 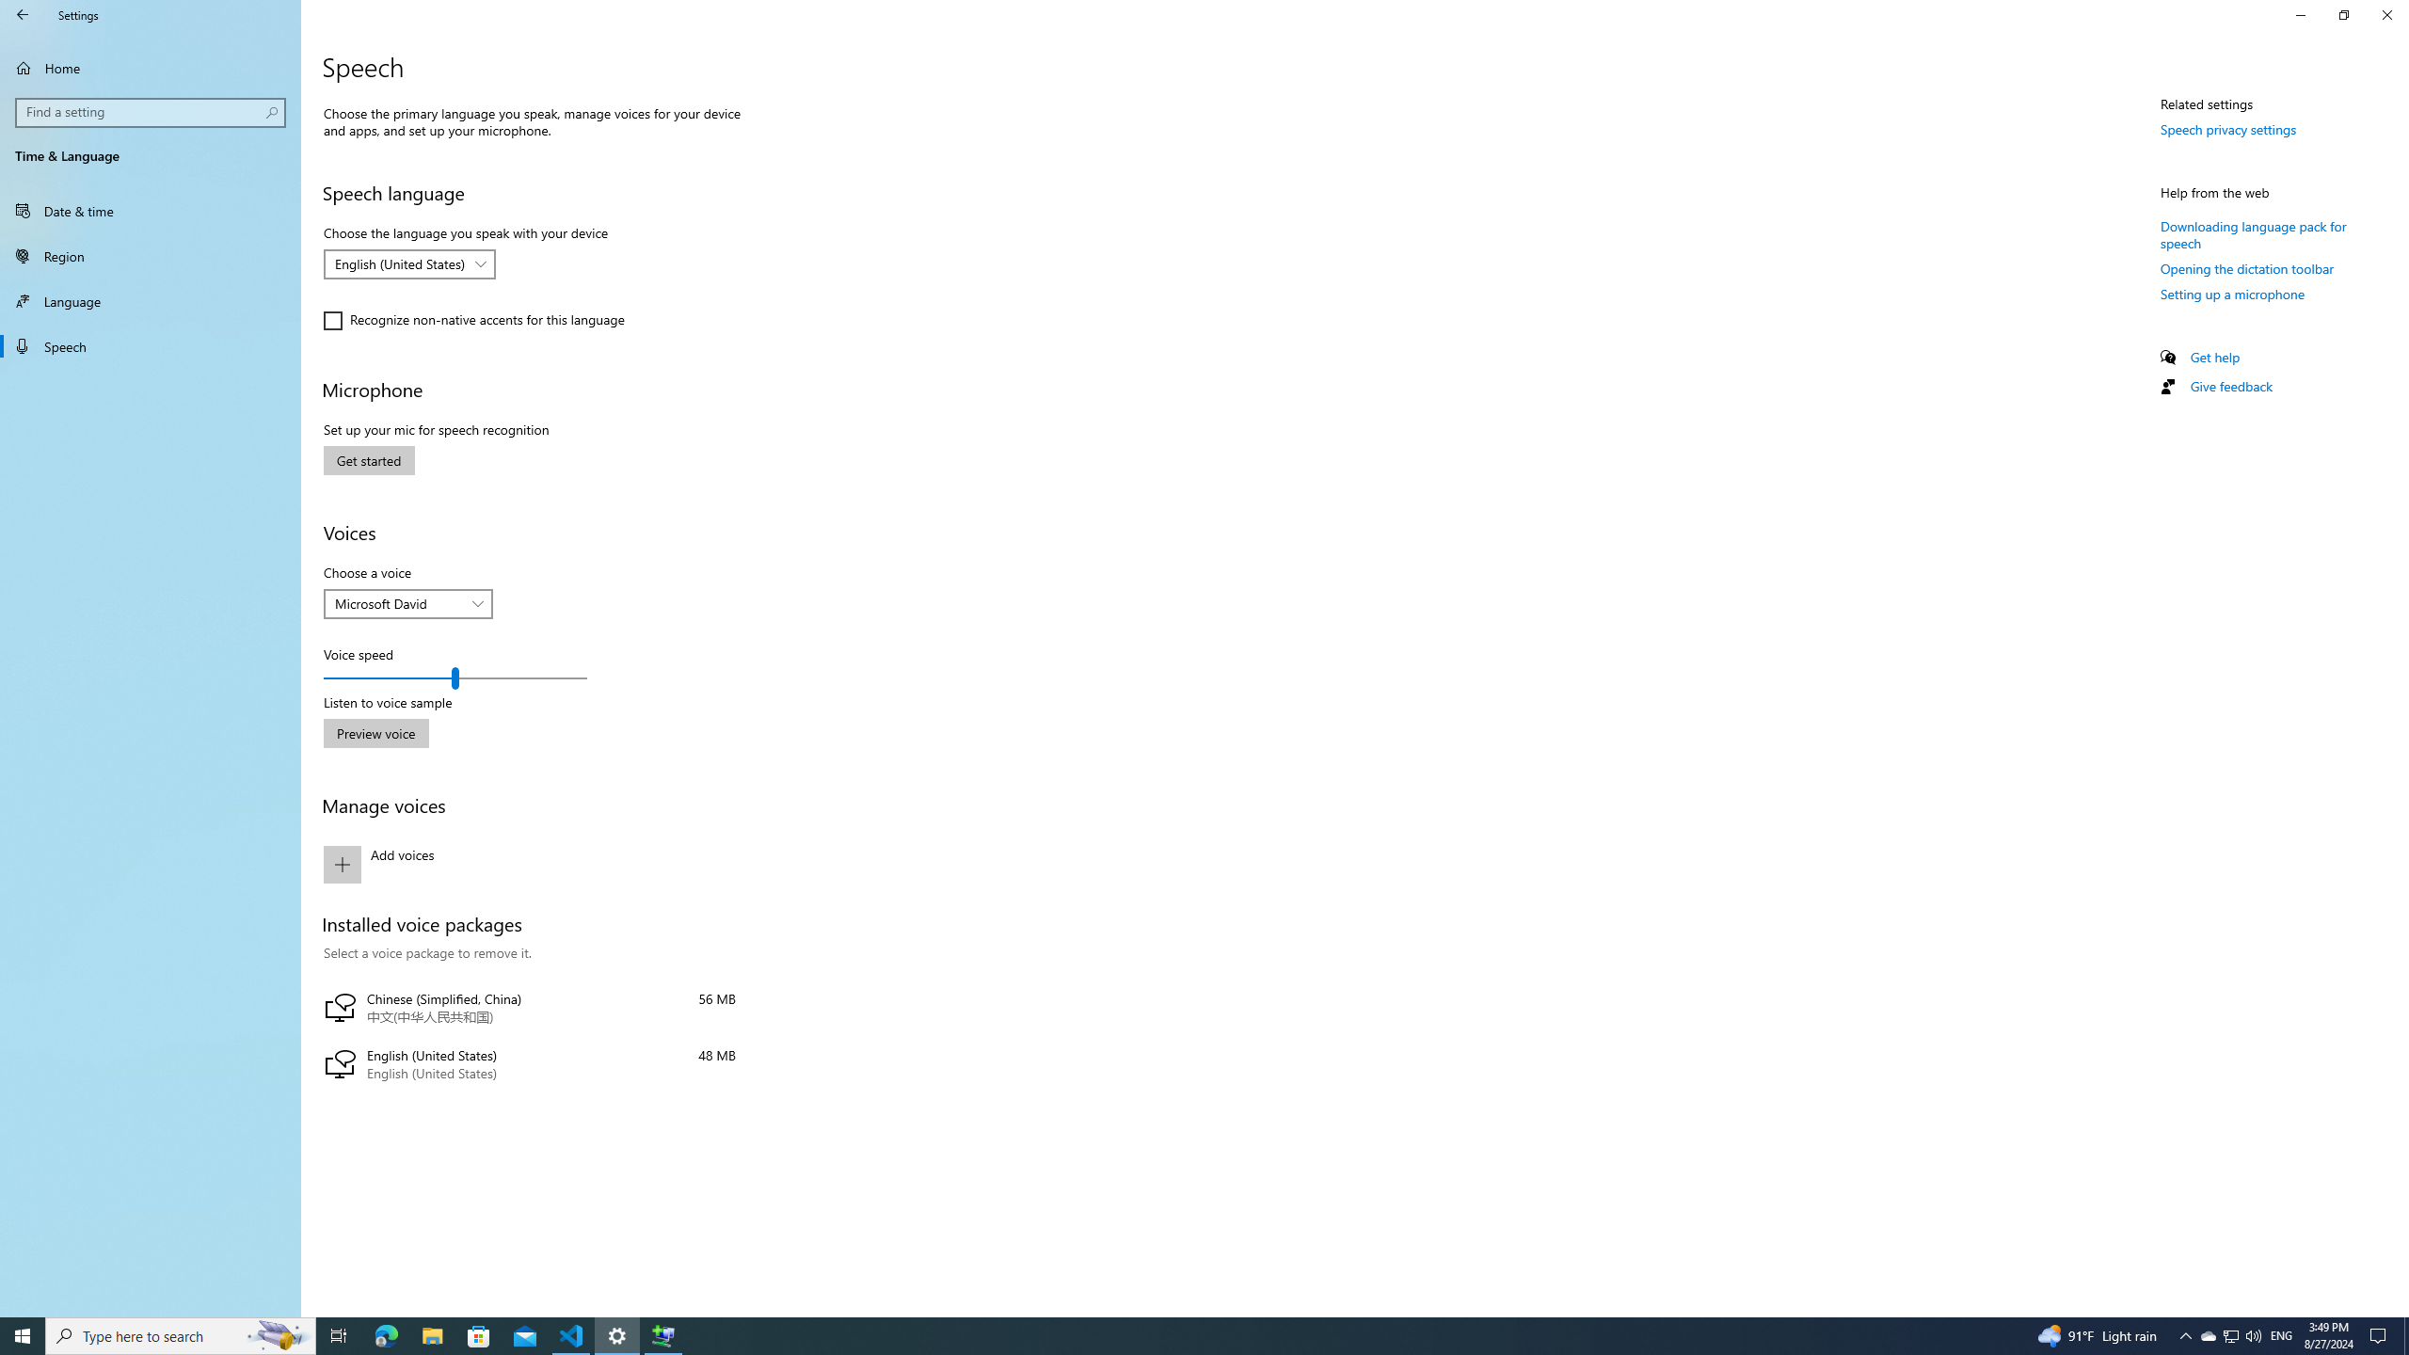 What do you see at coordinates (2232, 293) in the screenshot?
I see `'Setting up a microphone'` at bounding box center [2232, 293].